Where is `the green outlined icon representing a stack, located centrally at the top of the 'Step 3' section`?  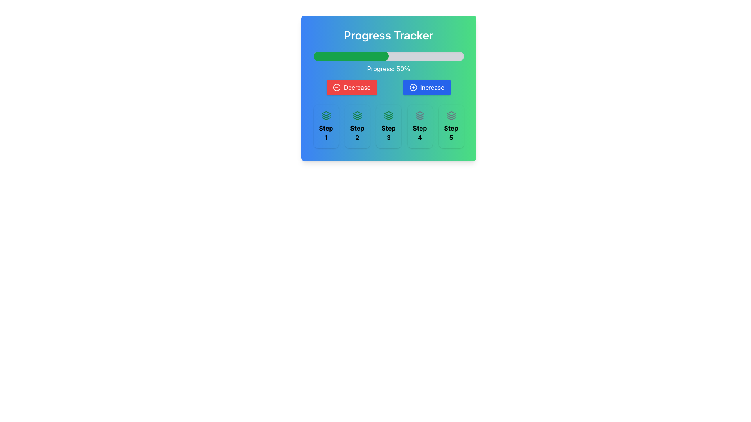
the green outlined icon representing a stack, located centrally at the top of the 'Step 3' section is located at coordinates (388, 116).